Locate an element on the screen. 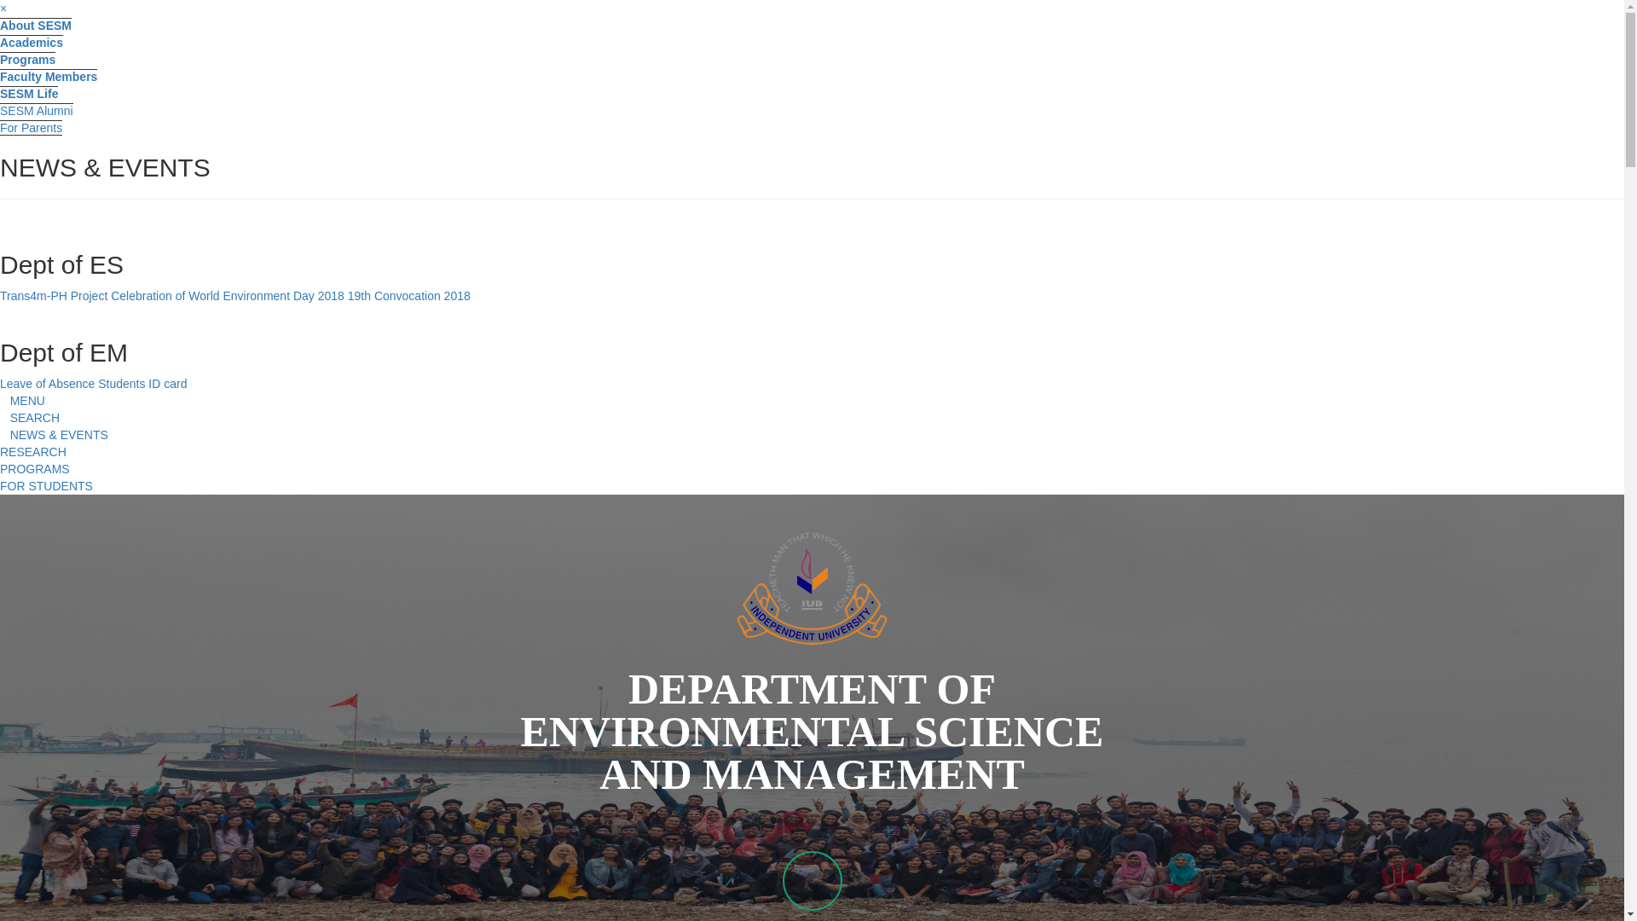  '   MENU' is located at coordinates (22, 401).